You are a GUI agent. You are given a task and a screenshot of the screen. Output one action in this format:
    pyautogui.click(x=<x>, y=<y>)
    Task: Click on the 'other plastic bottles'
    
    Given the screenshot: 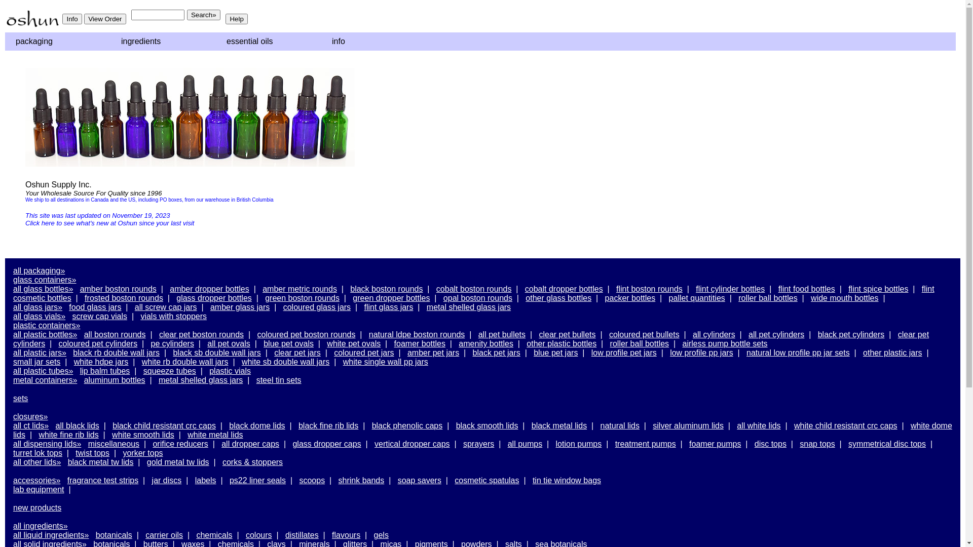 What is the action you would take?
    pyautogui.click(x=561, y=343)
    